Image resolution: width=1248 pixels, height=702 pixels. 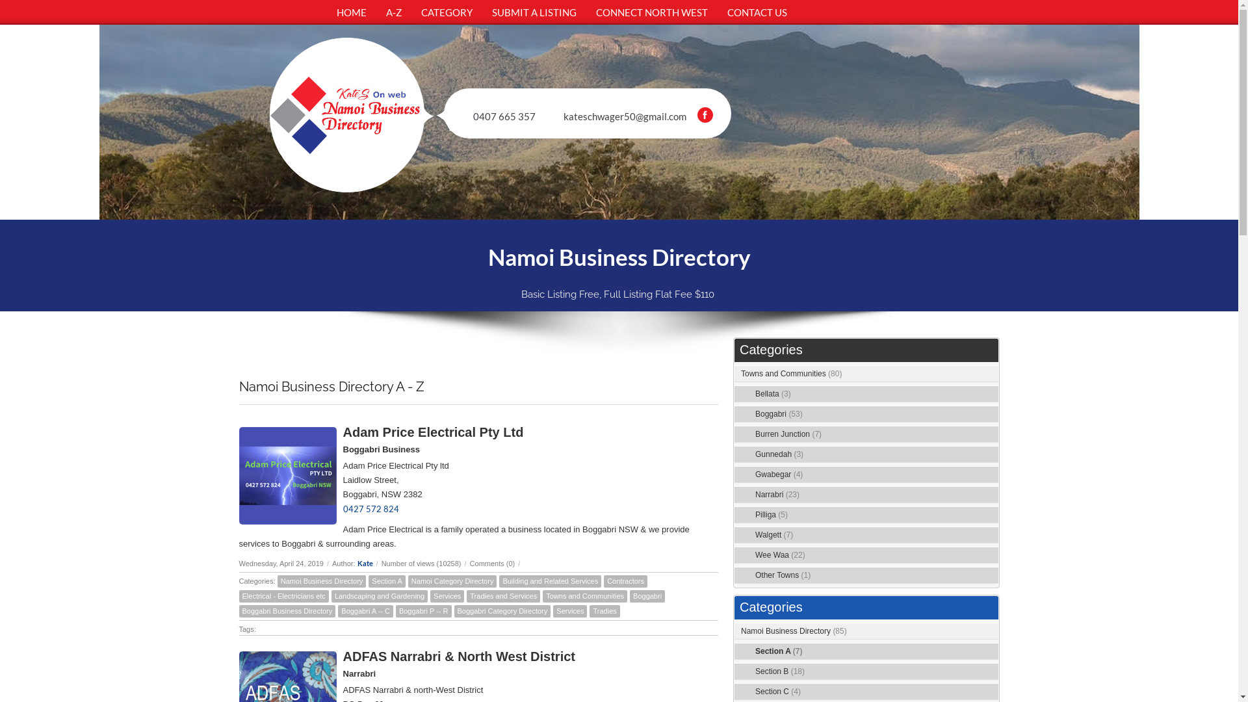 I want to click on 'Walgett (7)', so click(x=773, y=534).